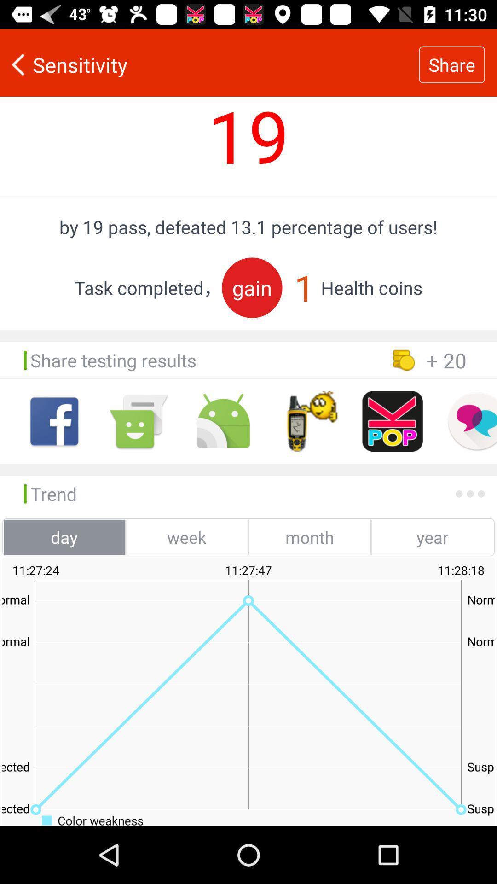 This screenshot has height=884, width=497. Describe the element at coordinates (252, 287) in the screenshot. I see `the item below by 19 pass item` at that location.